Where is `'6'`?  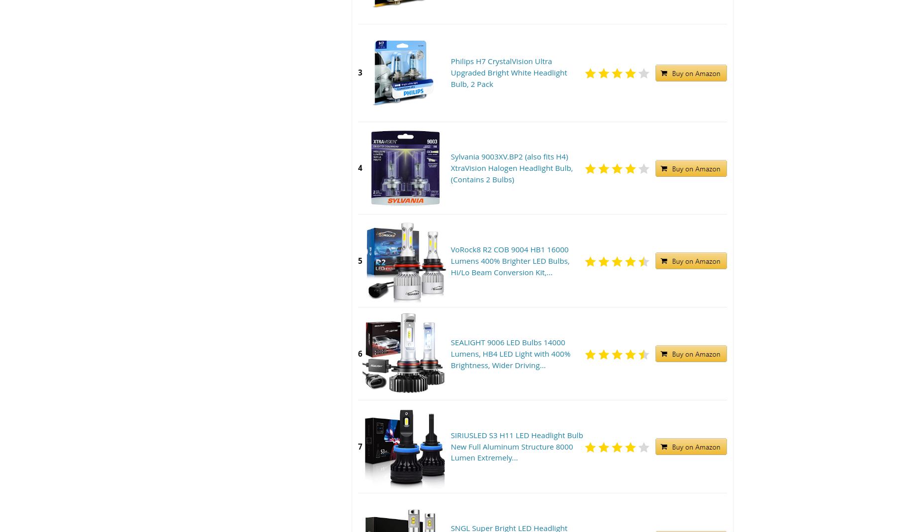
'6' is located at coordinates (360, 353).